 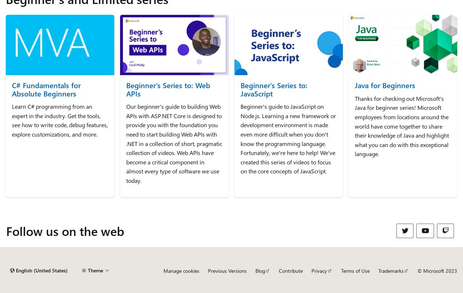 I want to click on 'Manage cookies', so click(x=162, y=270).